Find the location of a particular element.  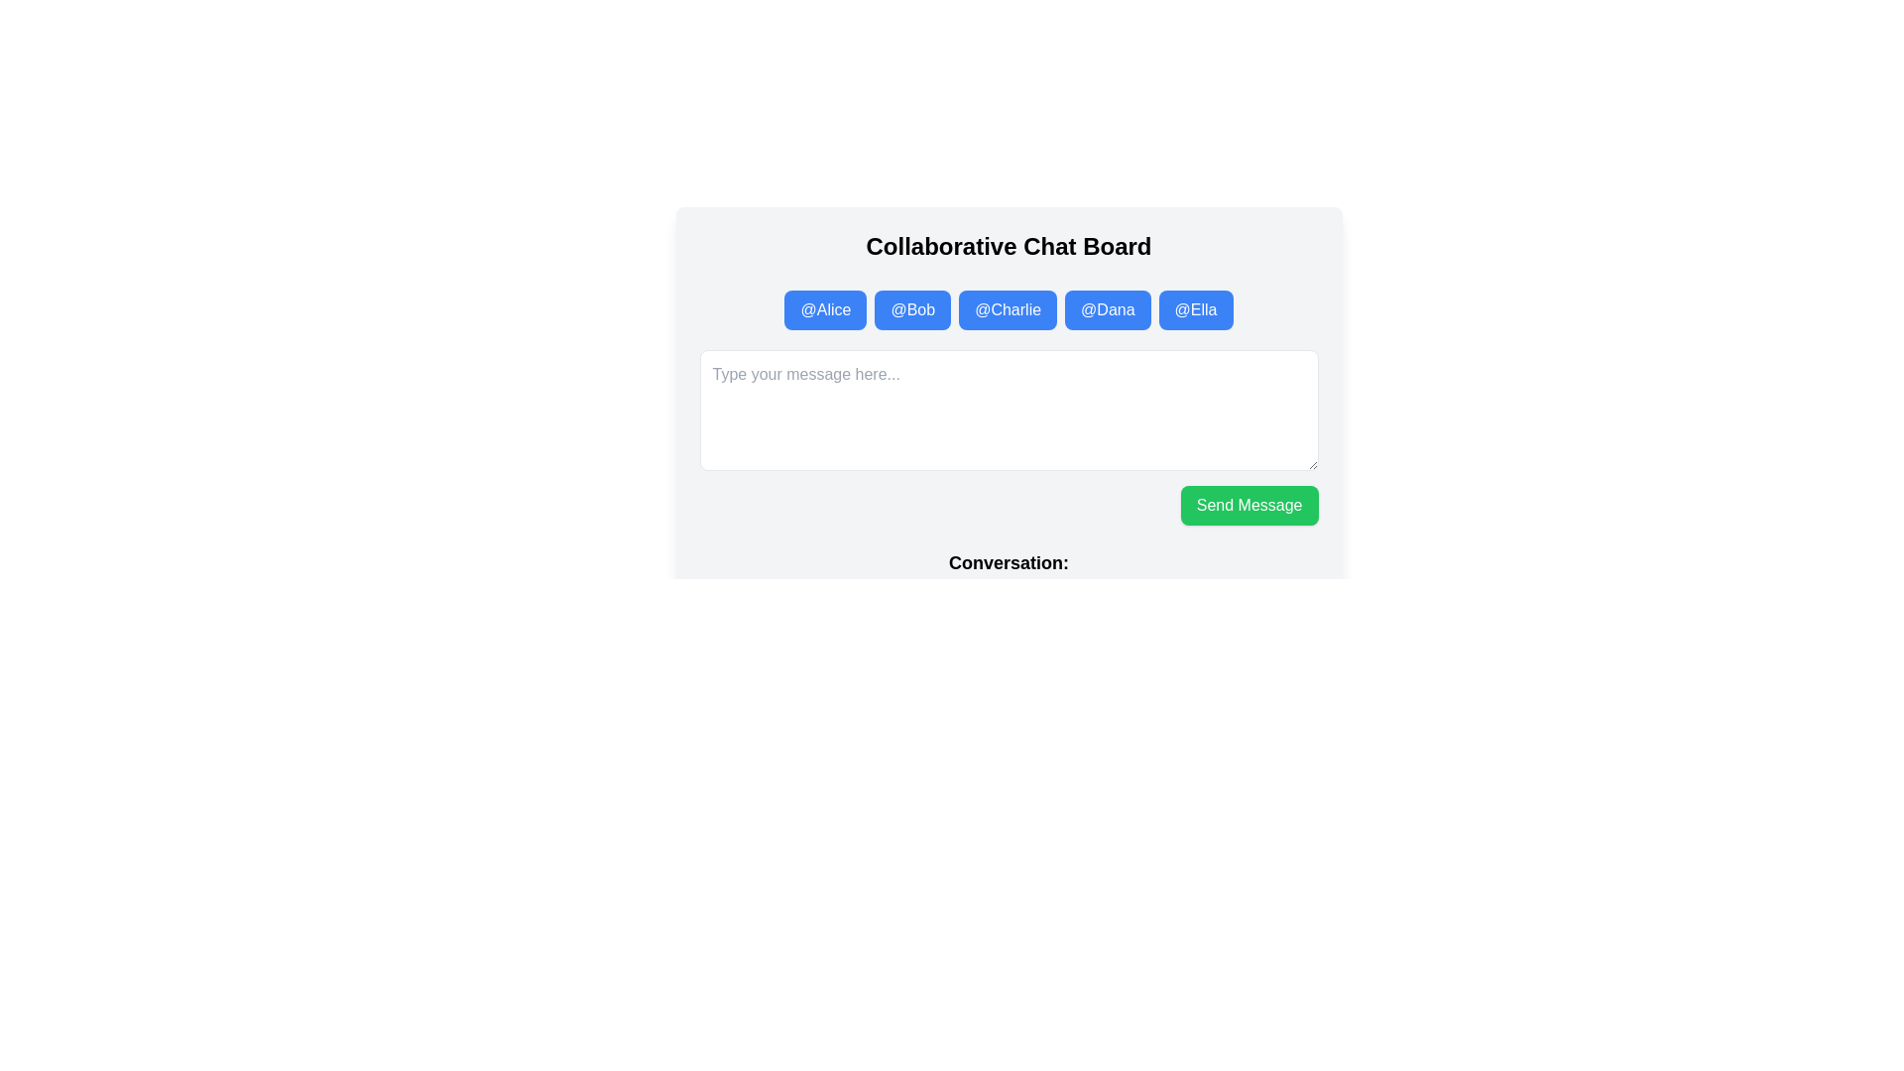

the button labeled '@Alice' is located at coordinates (825, 309).